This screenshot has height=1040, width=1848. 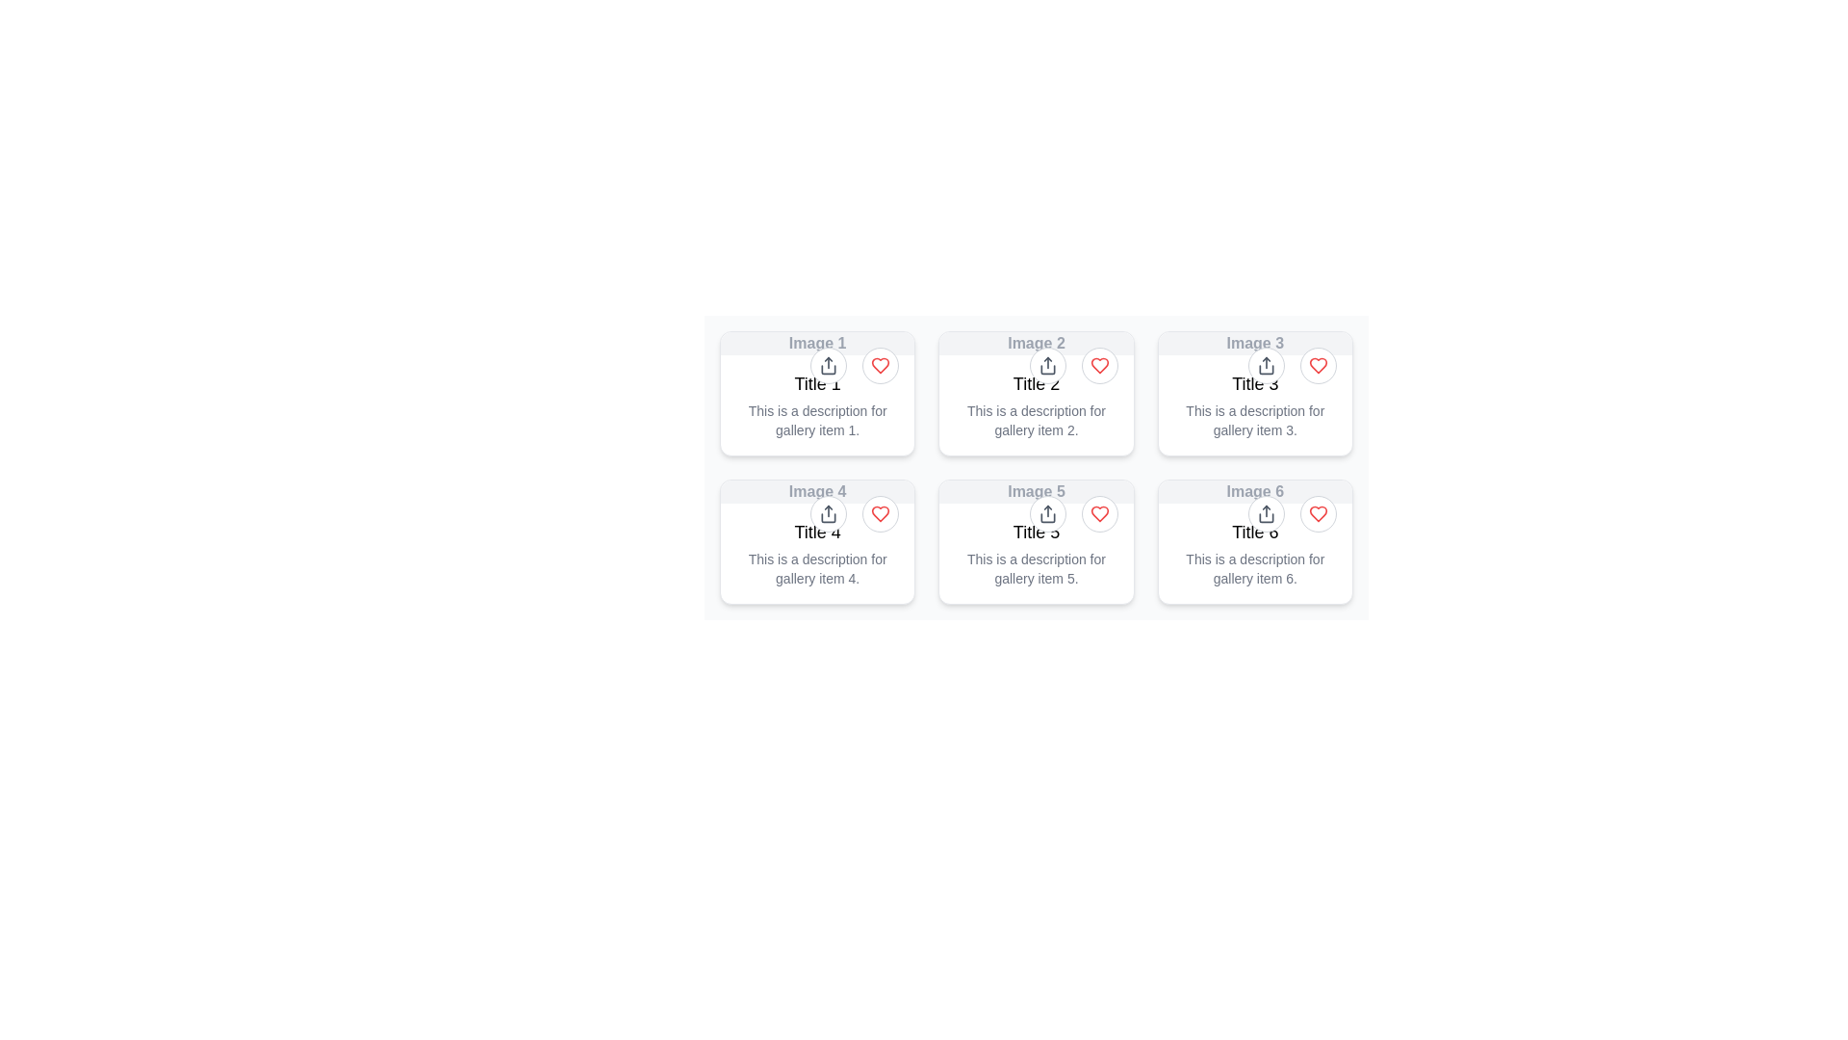 I want to click on the Text Block that conveys textual information about the gallery item, located centrally in the top-left card below 'Image 1' and above the card's background, so click(x=817, y=403).